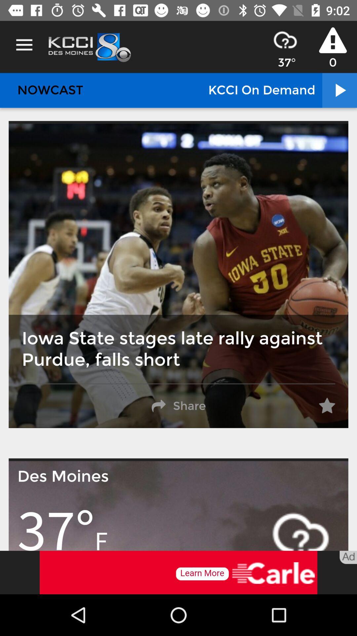 This screenshot has height=636, width=357. What do you see at coordinates (178, 572) in the screenshot?
I see `advertisement` at bounding box center [178, 572].